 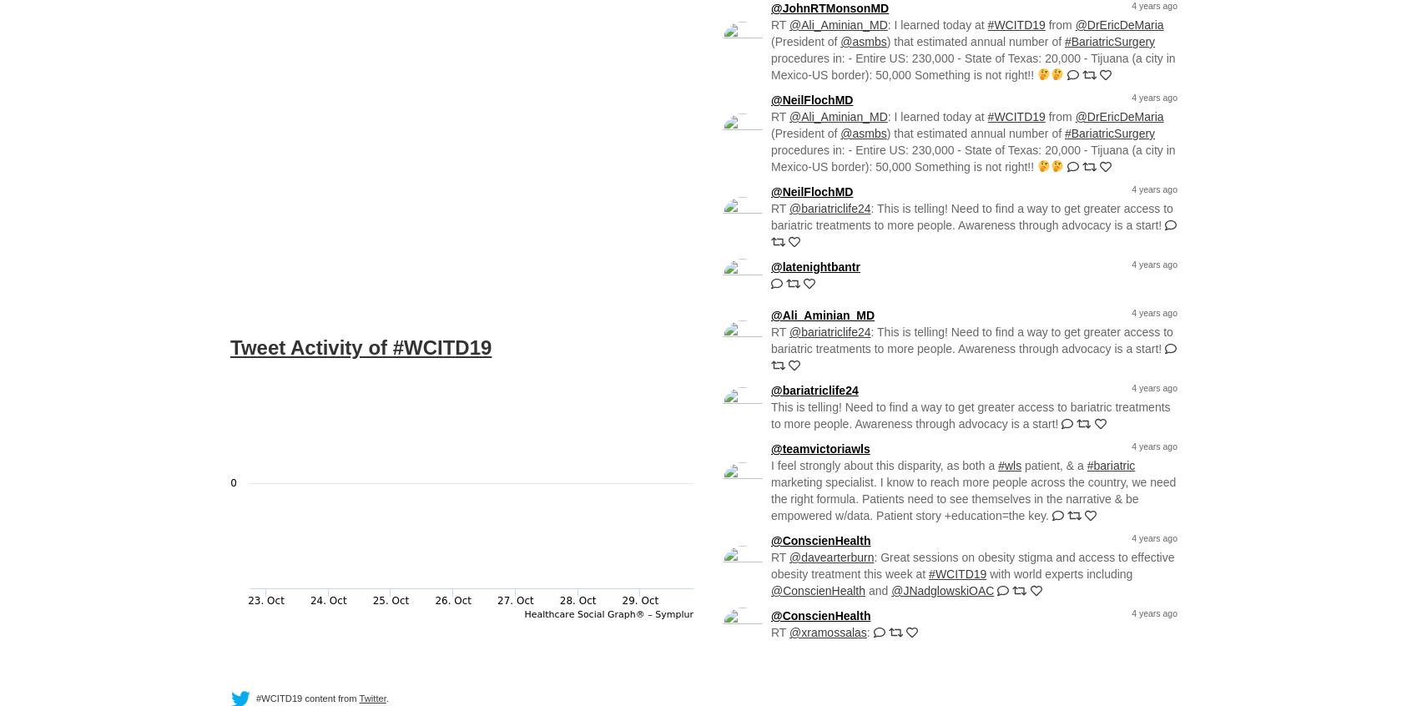 I want to click on '27. Oct', so click(x=496, y=600).